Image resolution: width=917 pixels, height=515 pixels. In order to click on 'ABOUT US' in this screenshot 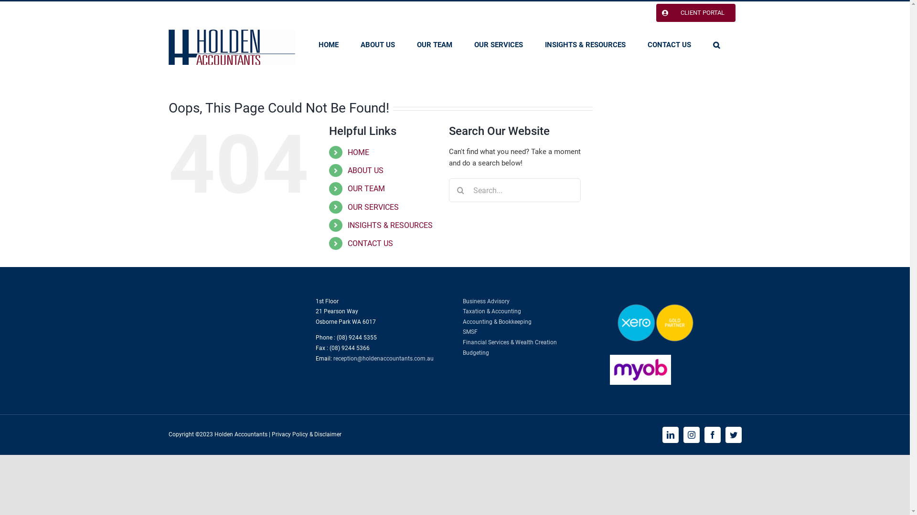, I will do `click(359, 44)`.